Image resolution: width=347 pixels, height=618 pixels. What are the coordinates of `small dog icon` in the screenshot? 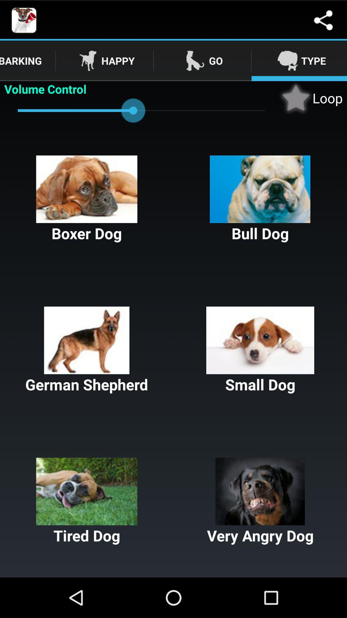 It's located at (260, 350).